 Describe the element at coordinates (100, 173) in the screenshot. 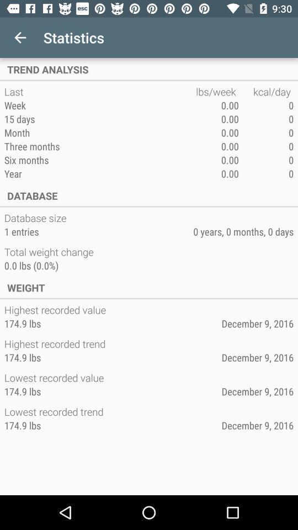

I see `year` at that location.